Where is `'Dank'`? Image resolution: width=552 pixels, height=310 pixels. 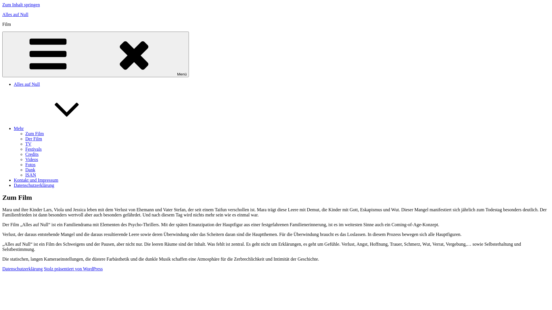 'Dank' is located at coordinates (30, 169).